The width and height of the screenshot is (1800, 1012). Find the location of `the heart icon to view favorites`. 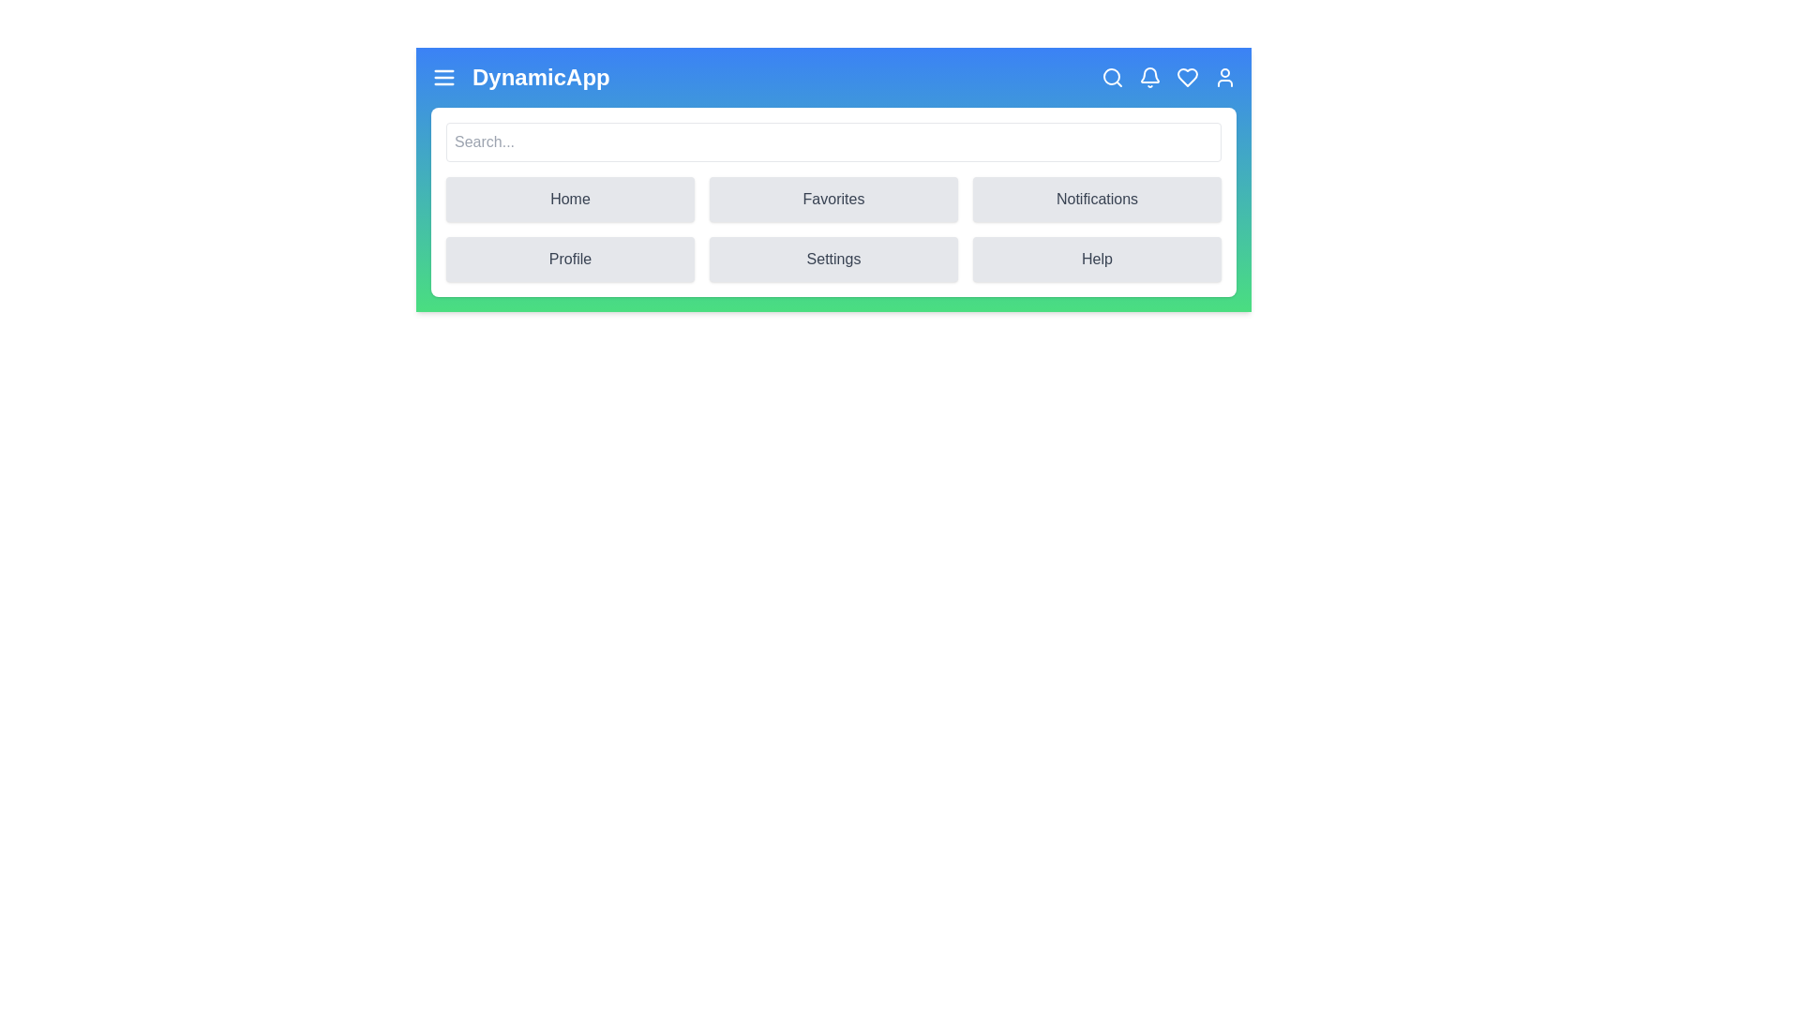

the heart icon to view favorites is located at coordinates (1187, 77).